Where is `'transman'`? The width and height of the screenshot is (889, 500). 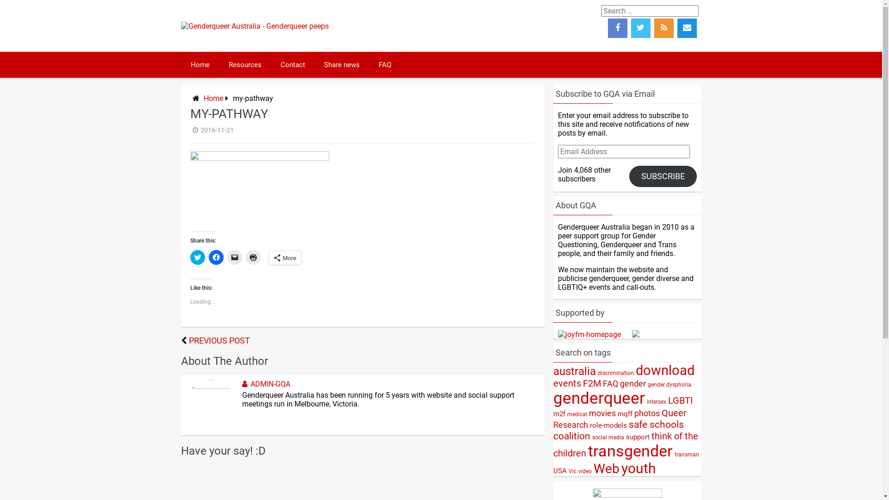
'transman' is located at coordinates (686, 454).